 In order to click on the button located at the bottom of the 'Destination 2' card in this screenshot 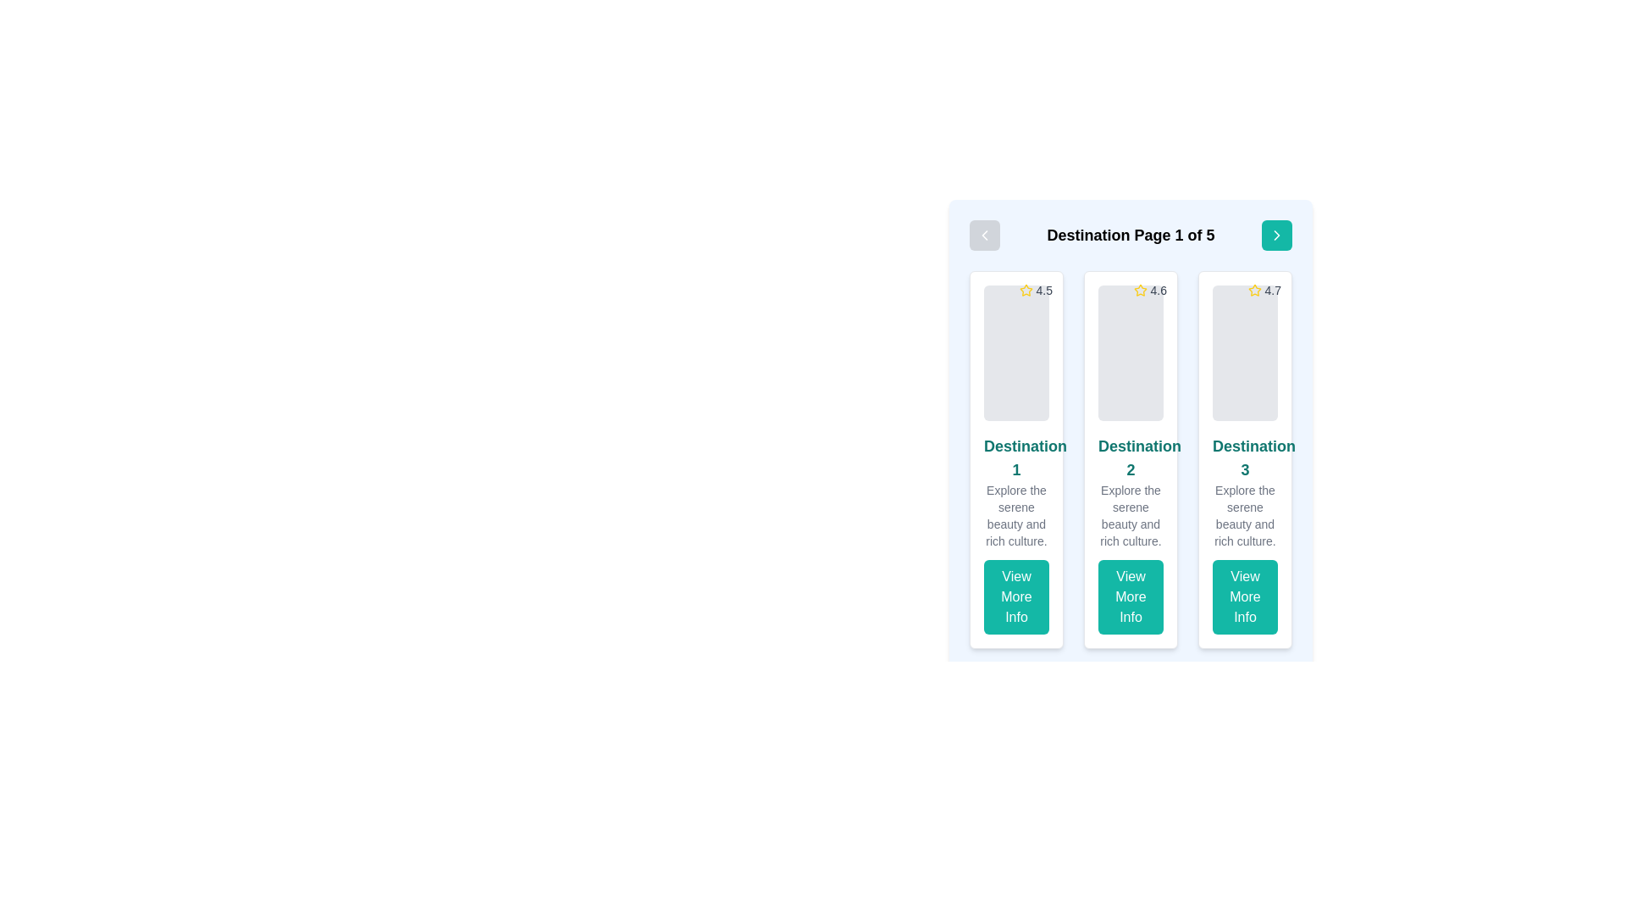, I will do `click(1131, 596)`.